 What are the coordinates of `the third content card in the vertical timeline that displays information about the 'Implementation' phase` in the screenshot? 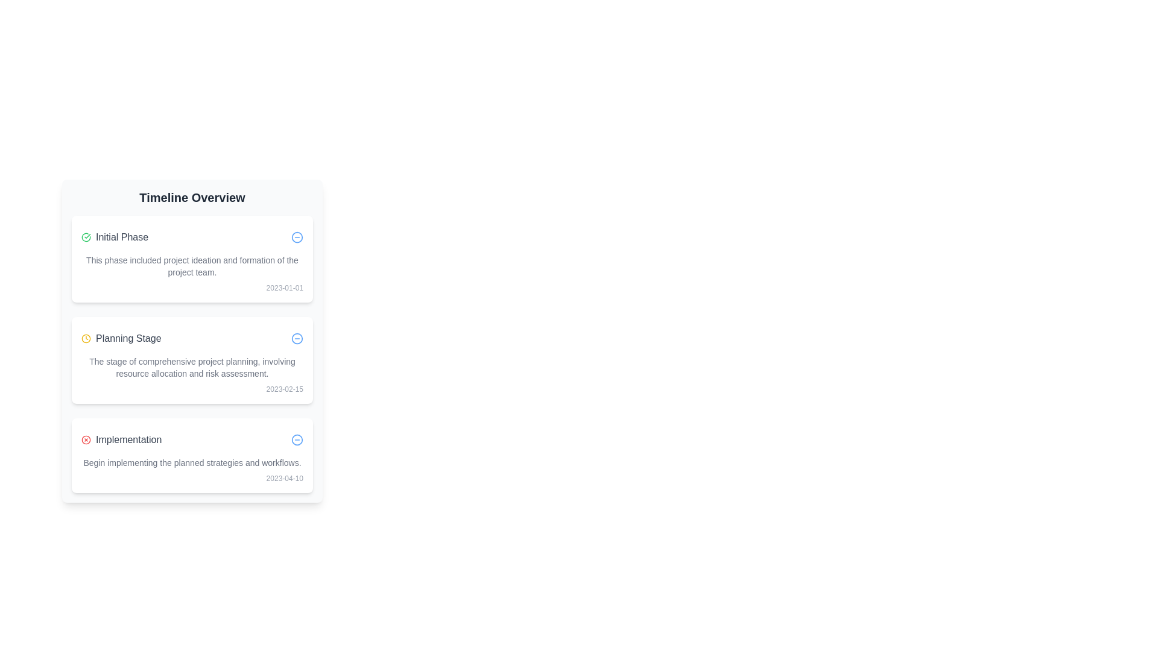 It's located at (191, 456).